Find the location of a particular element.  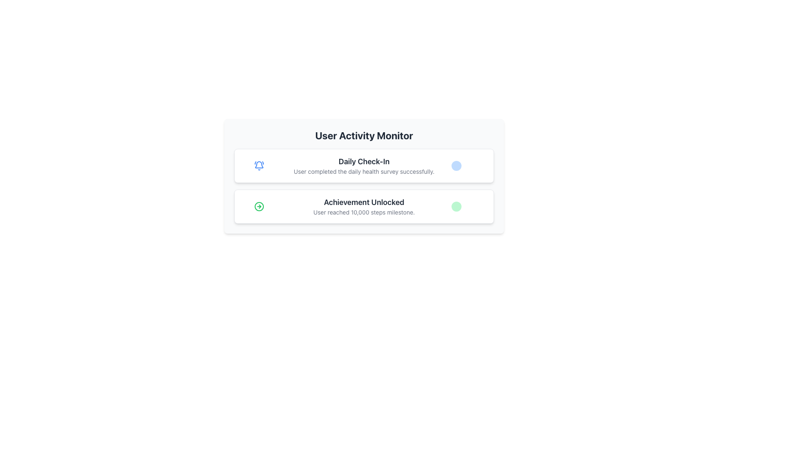

the notification icon located at the center of the top row in the 'User Activity Monitor' section, which indicates alerts related to daily check-ins is located at coordinates (258, 165).